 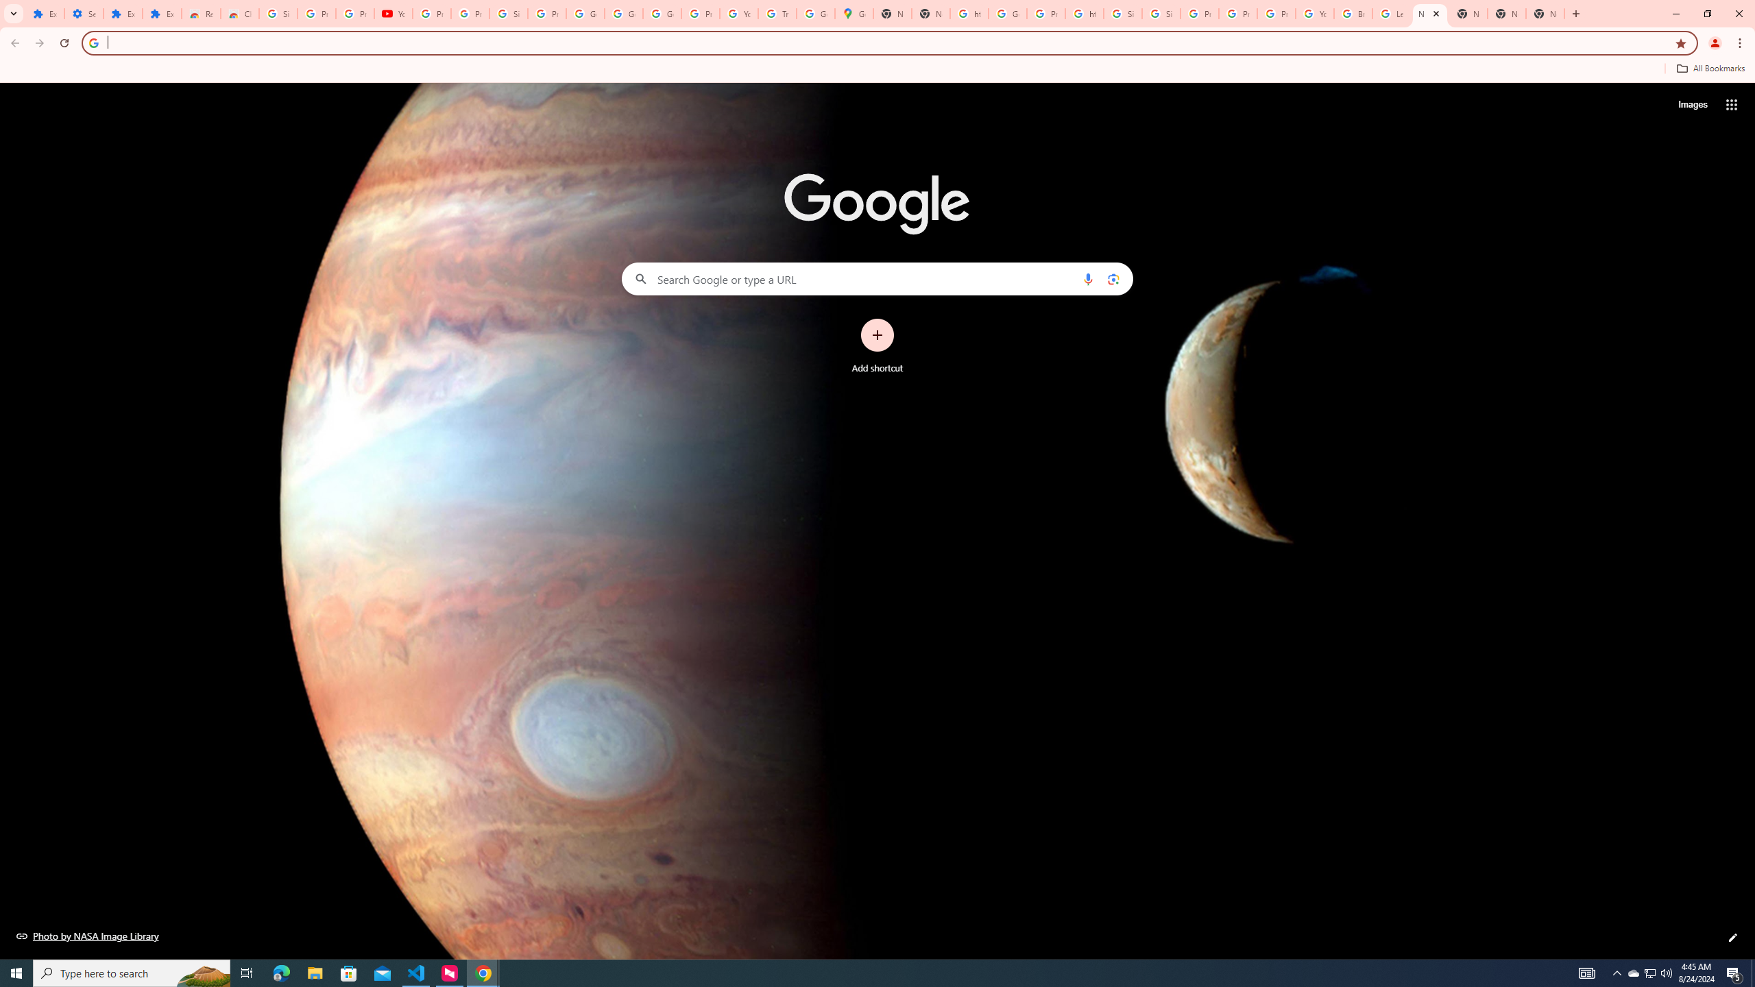 I want to click on 'Search Google or type a URL', so click(x=877, y=278).